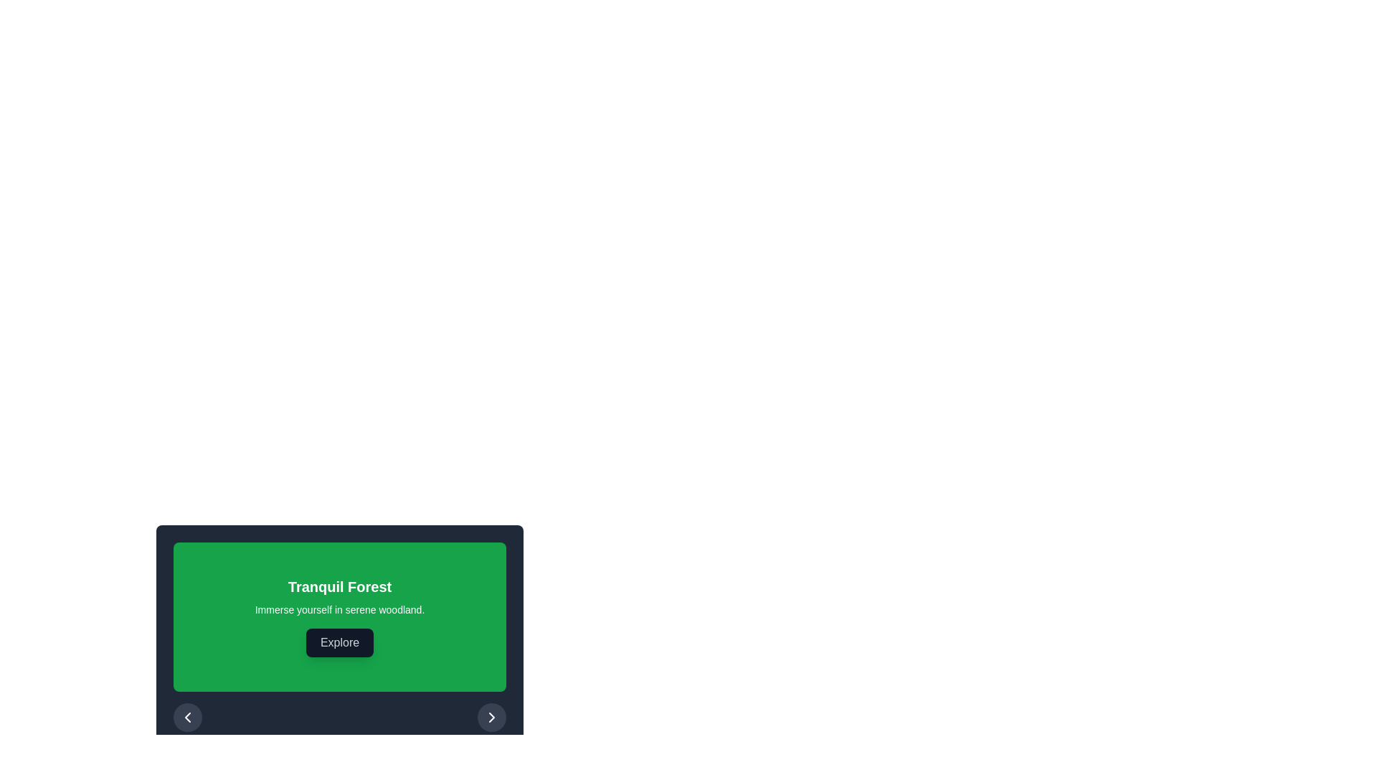  Describe the element at coordinates (339, 621) in the screenshot. I see `the centrally located button beneath the title 'Tranquil Forest' and subtitle 'Immerse yourself in serene woodland' to observe visual feedback` at that location.